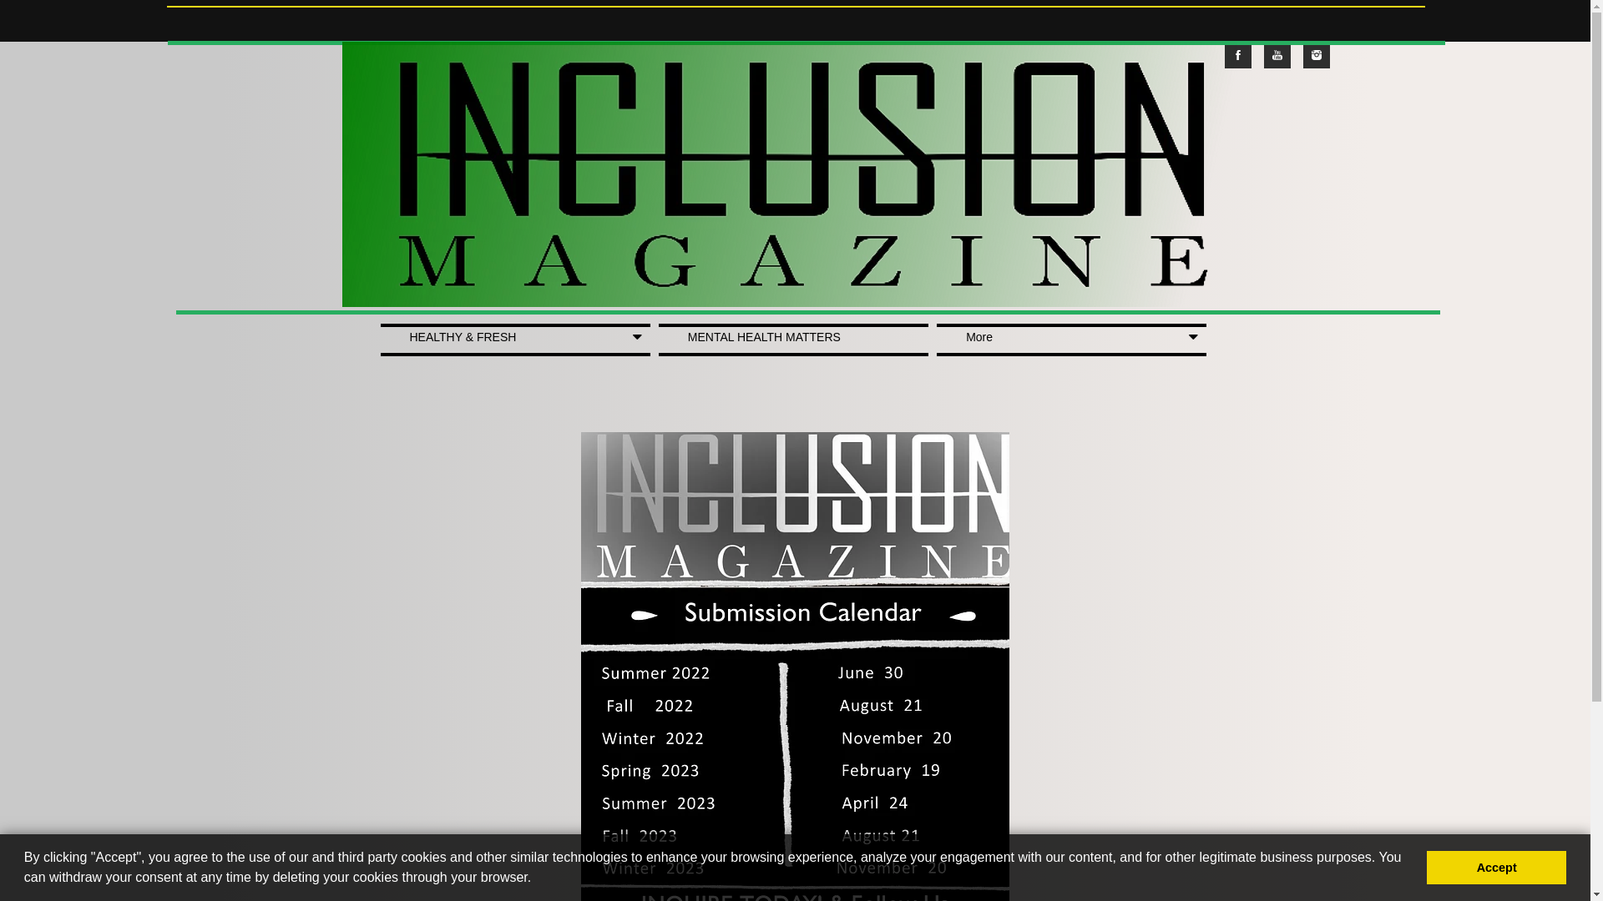 The width and height of the screenshot is (1603, 901). Describe the element at coordinates (514, 339) in the screenshot. I see `'HEALTHY & FRESH'` at that location.